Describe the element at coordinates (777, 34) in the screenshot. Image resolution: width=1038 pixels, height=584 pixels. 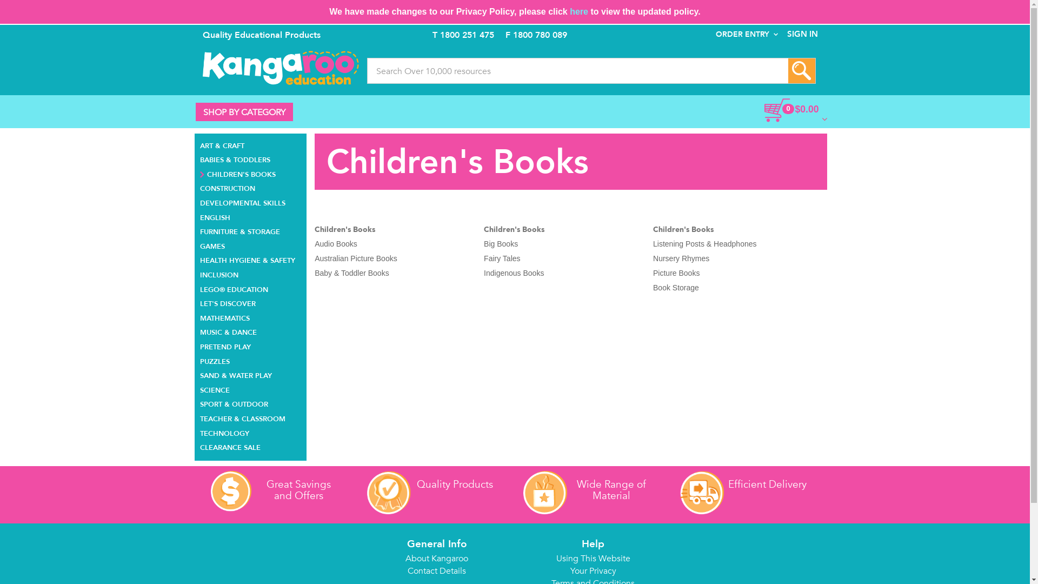
I see `'SIGN IN'` at that location.